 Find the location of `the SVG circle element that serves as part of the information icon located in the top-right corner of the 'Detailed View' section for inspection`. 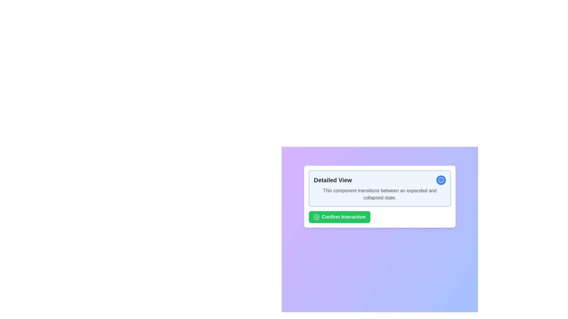

the SVG circle element that serves as part of the information icon located in the top-right corner of the 'Detailed View' section for inspection is located at coordinates (441, 180).